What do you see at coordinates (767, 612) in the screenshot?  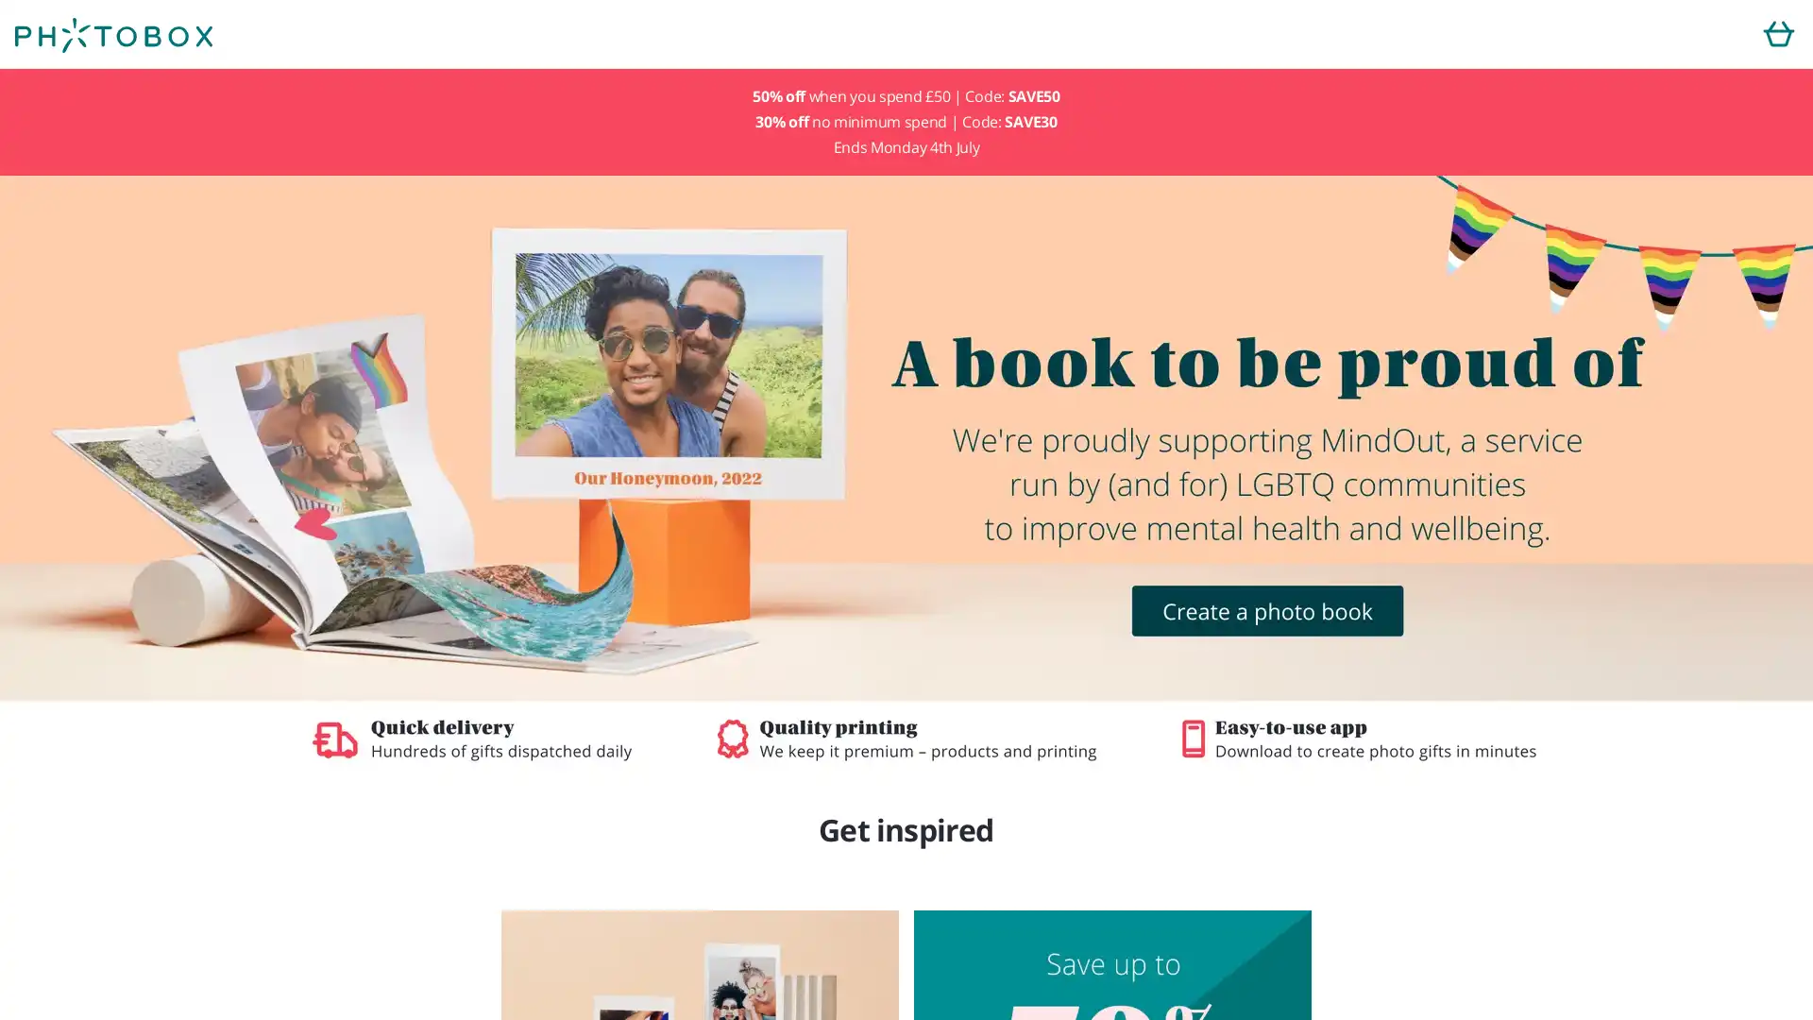 I see `Deny` at bounding box center [767, 612].